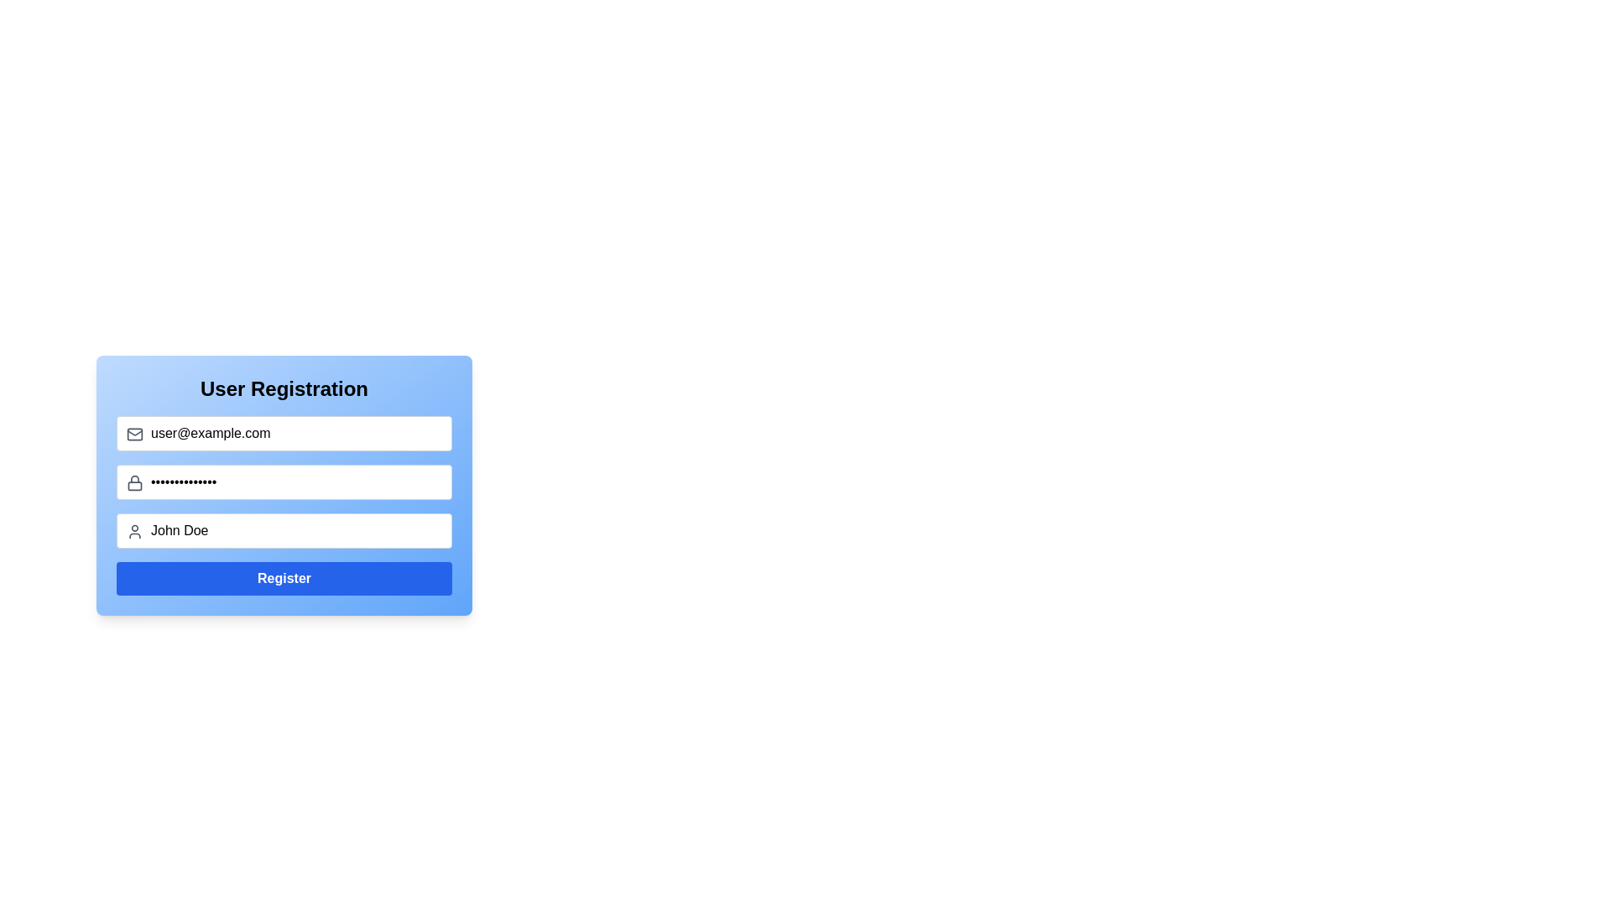 The height and width of the screenshot is (906, 1611). Describe the element at coordinates (135, 531) in the screenshot. I see `the user icon, which is a simple line-drawn illustration of a person in a circular format, located to the left of the 'Your Name' text input field in the 'User Registration' form, to observe for additional information or tooltips` at that location.